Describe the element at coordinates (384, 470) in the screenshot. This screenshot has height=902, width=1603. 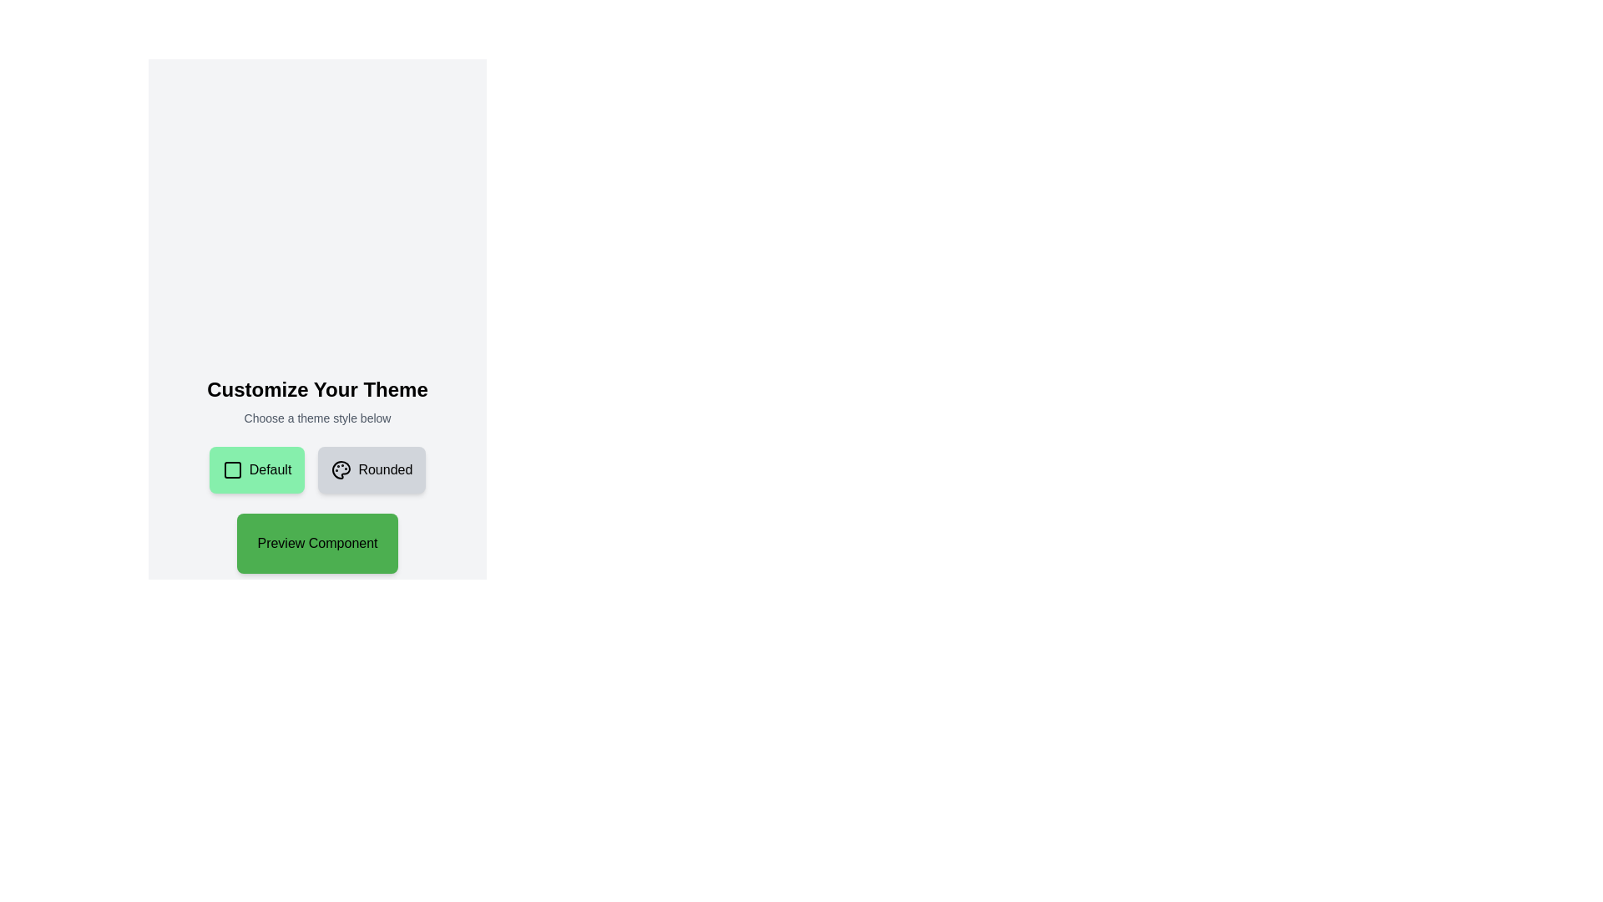
I see `the 'Rounded' text label that describes the style or theme option` at that location.